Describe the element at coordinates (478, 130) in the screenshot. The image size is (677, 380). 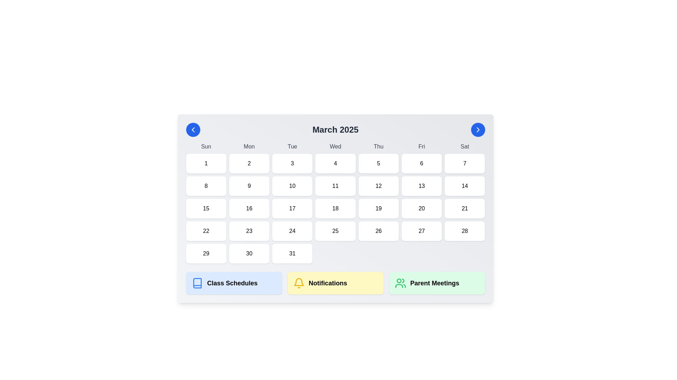
I see `the chevron icon located within the circular button at the top-right corner of the interface` at that location.